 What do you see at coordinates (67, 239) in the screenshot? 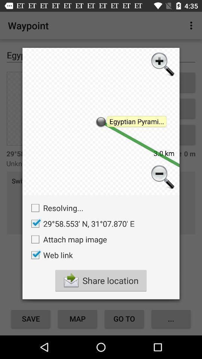
I see `checkbox above web link` at bounding box center [67, 239].